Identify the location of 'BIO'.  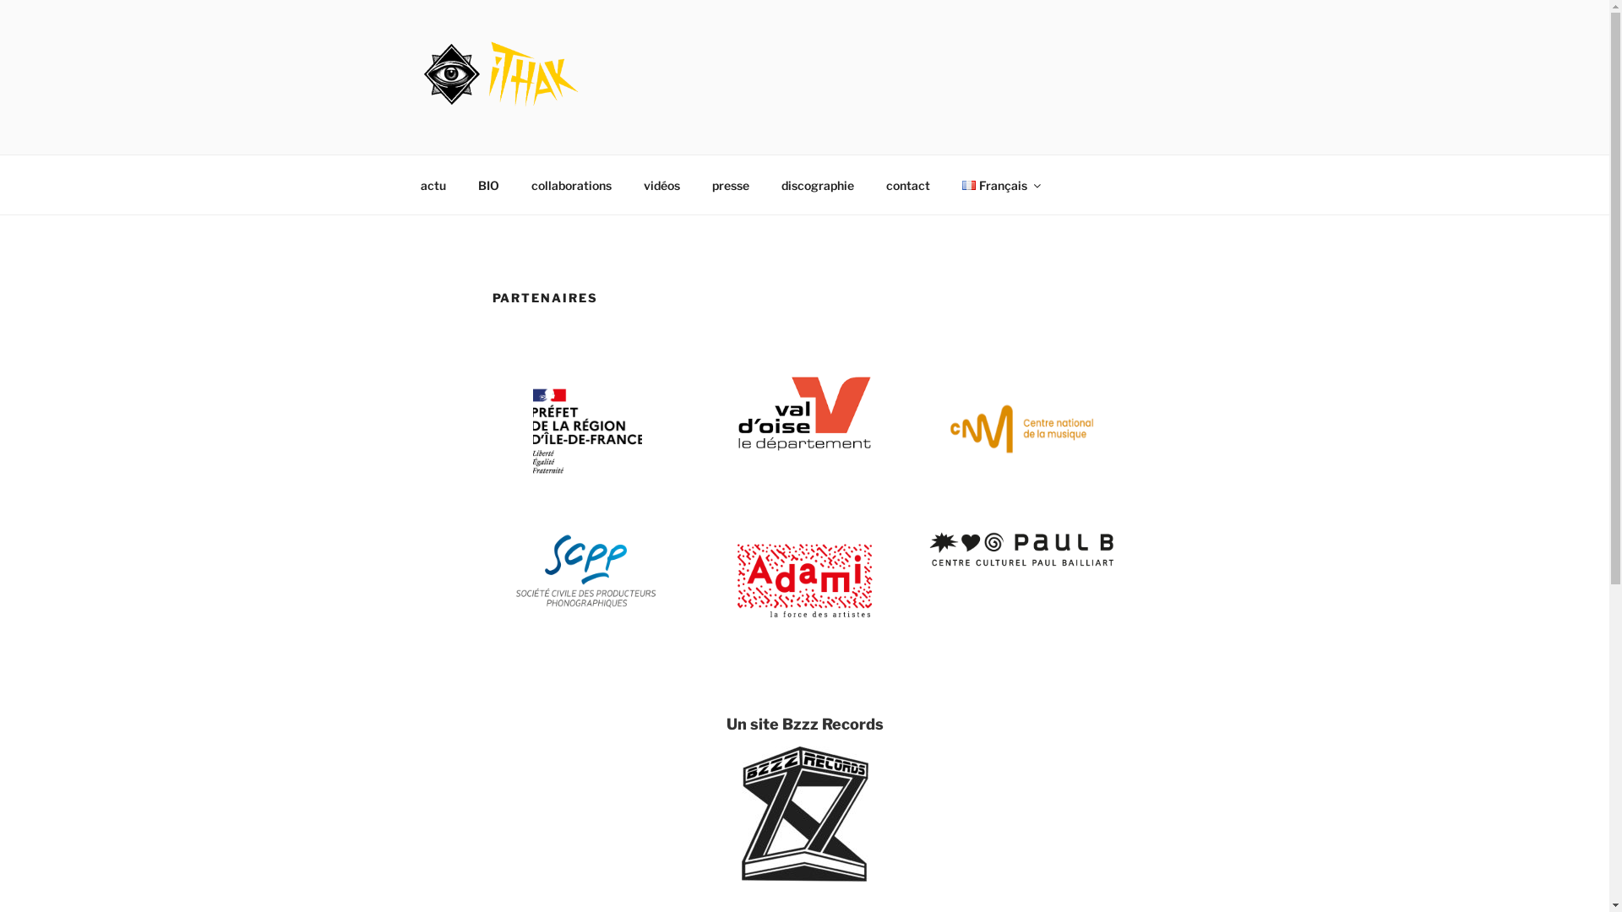
(487, 184).